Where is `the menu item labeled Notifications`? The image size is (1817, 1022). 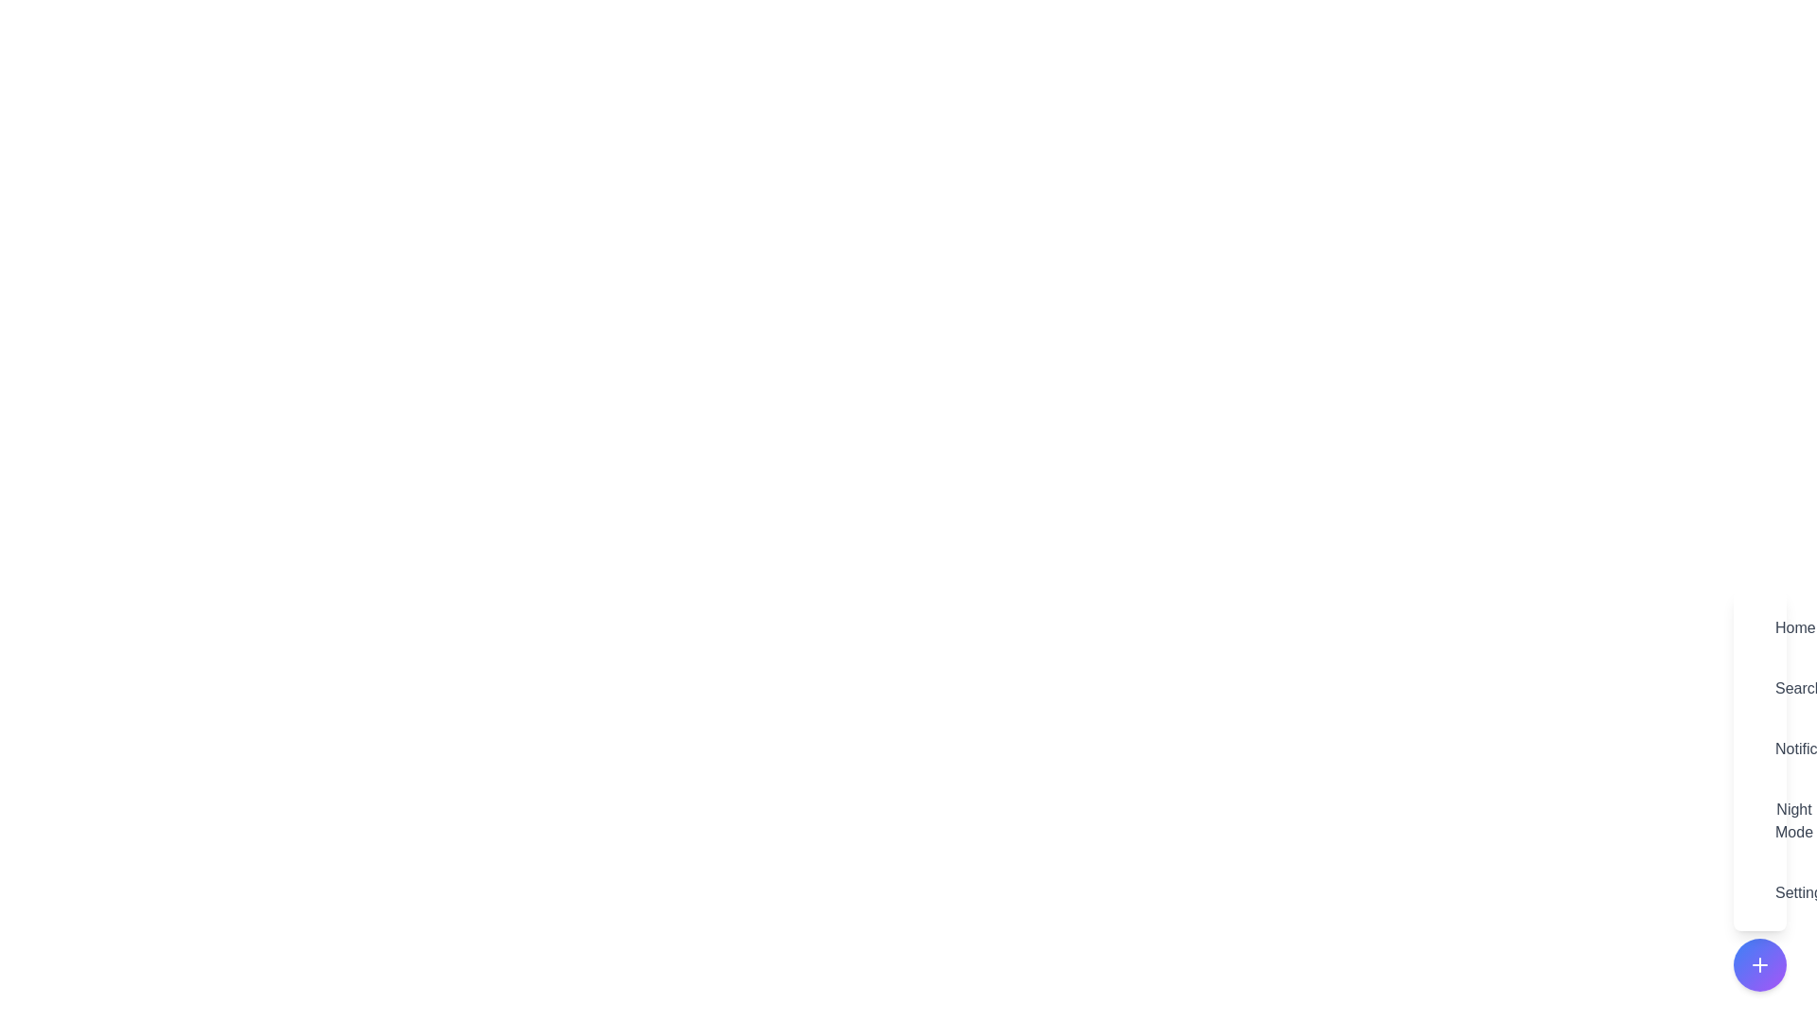 the menu item labeled Notifications is located at coordinates (1759, 748).